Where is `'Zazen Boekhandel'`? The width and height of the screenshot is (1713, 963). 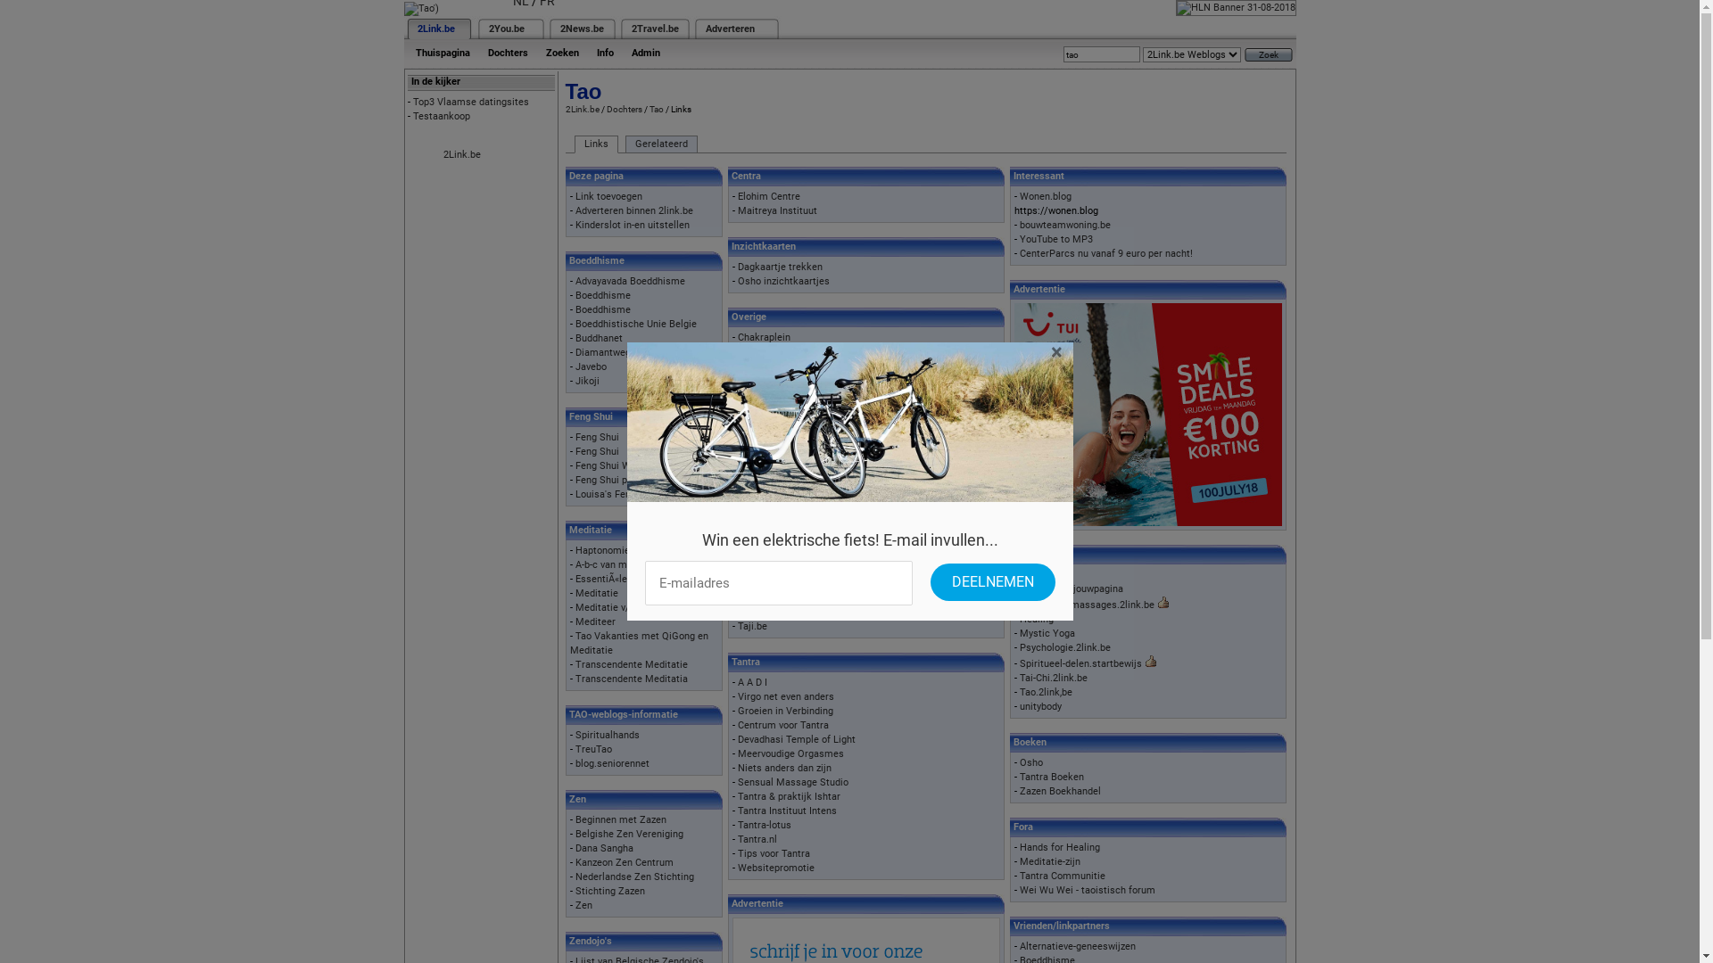 'Zazen Boekhandel' is located at coordinates (1059, 790).